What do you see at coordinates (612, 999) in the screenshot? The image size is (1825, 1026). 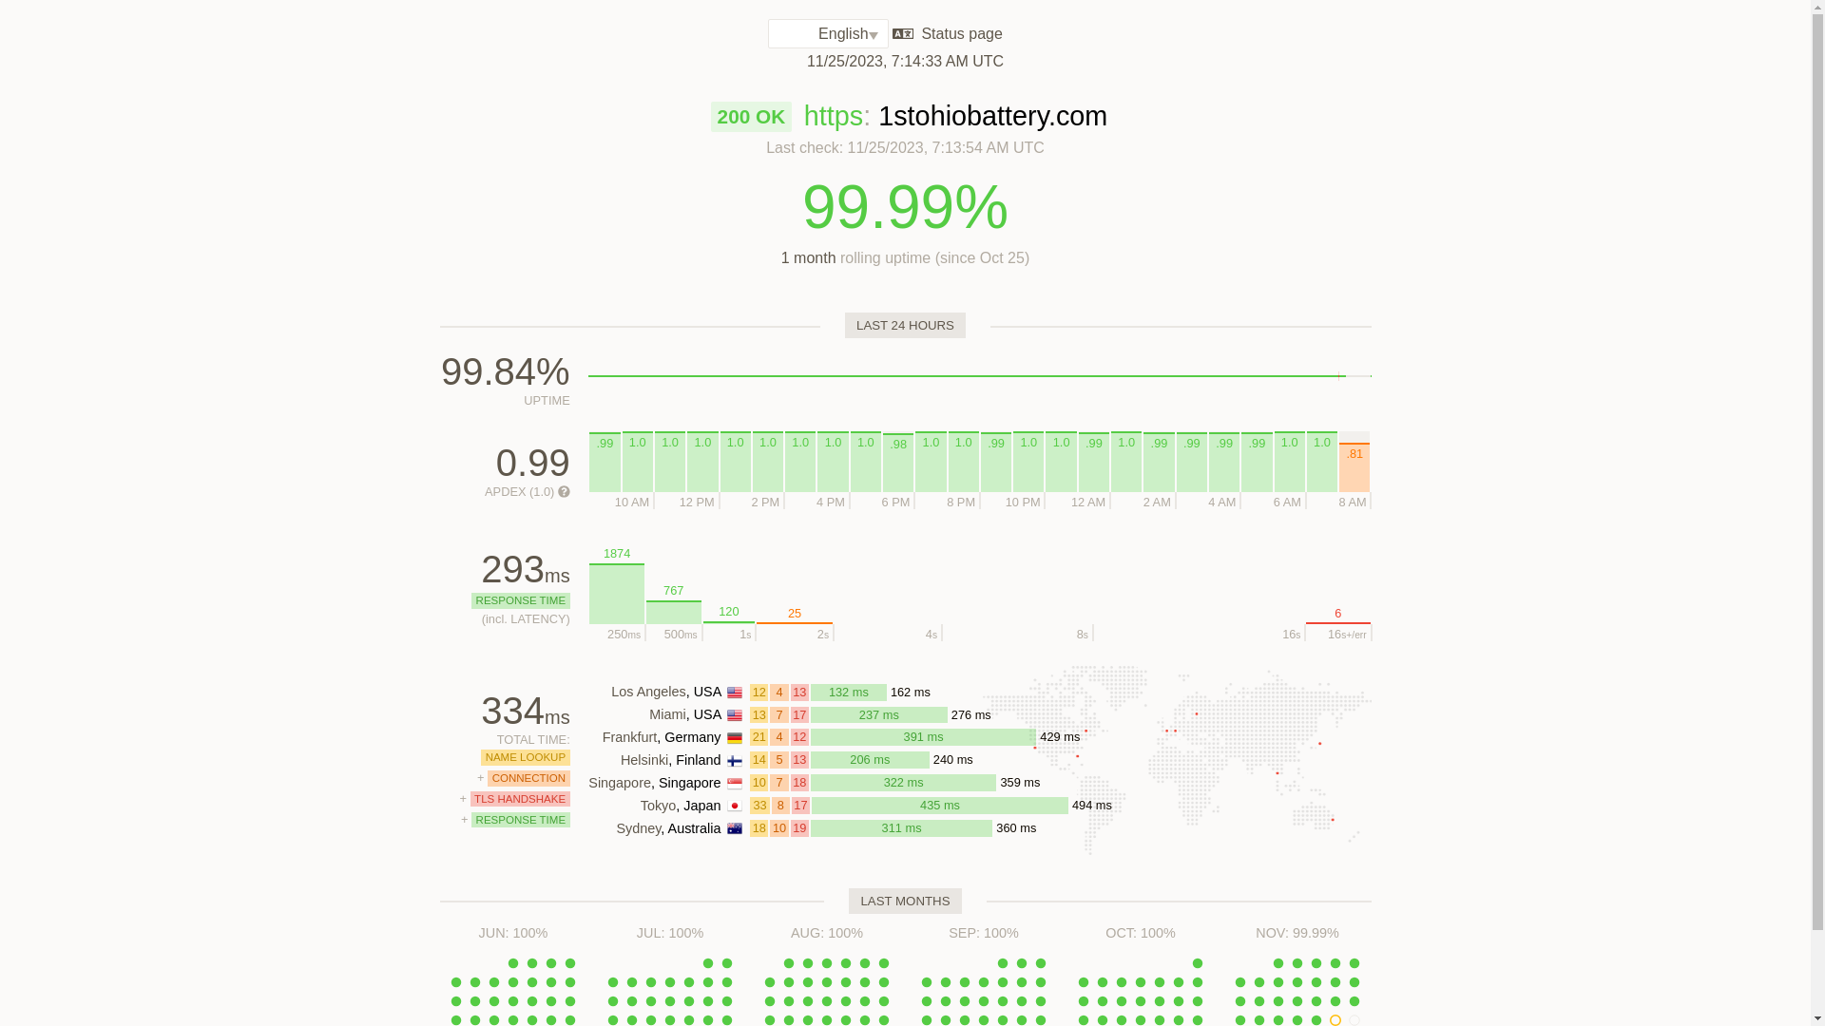 I see `'<small>Jul 10:</small> No downtime'` at bounding box center [612, 999].